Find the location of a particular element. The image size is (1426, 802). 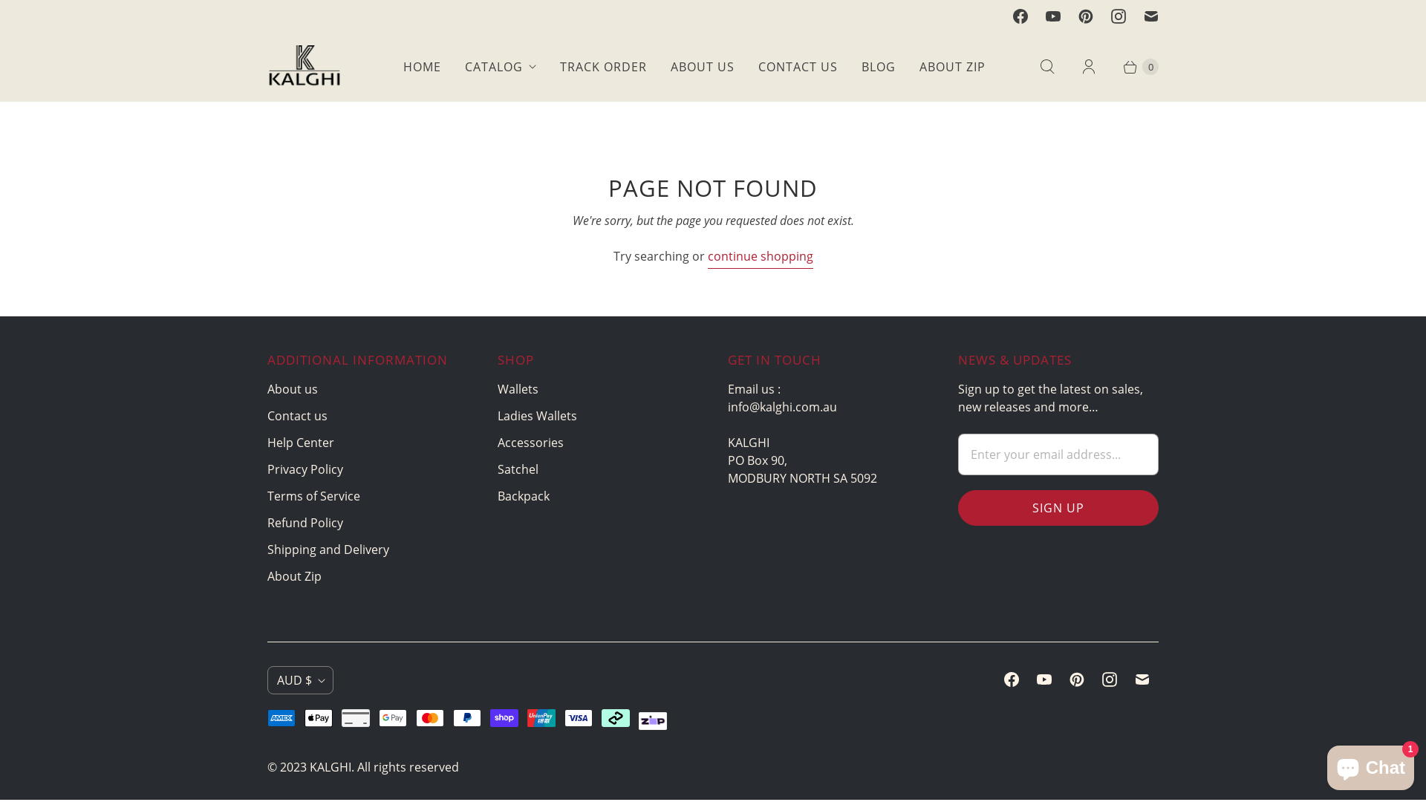

'Contact us' is located at coordinates (297, 415).